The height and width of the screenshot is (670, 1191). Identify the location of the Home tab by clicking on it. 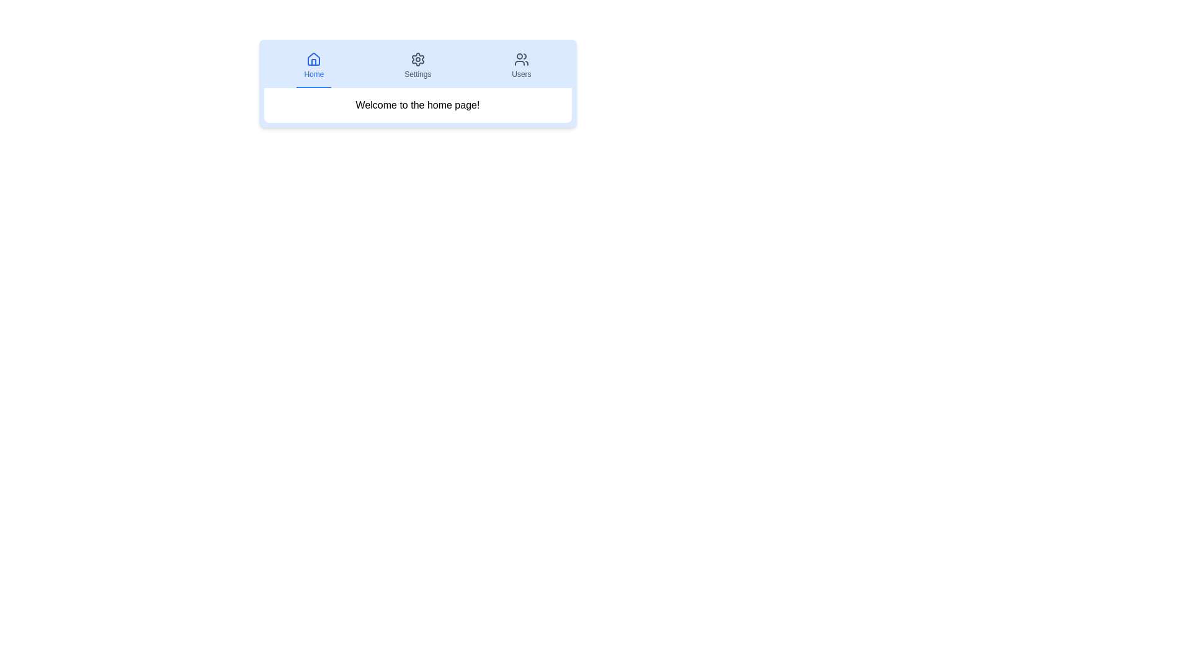
(313, 66).